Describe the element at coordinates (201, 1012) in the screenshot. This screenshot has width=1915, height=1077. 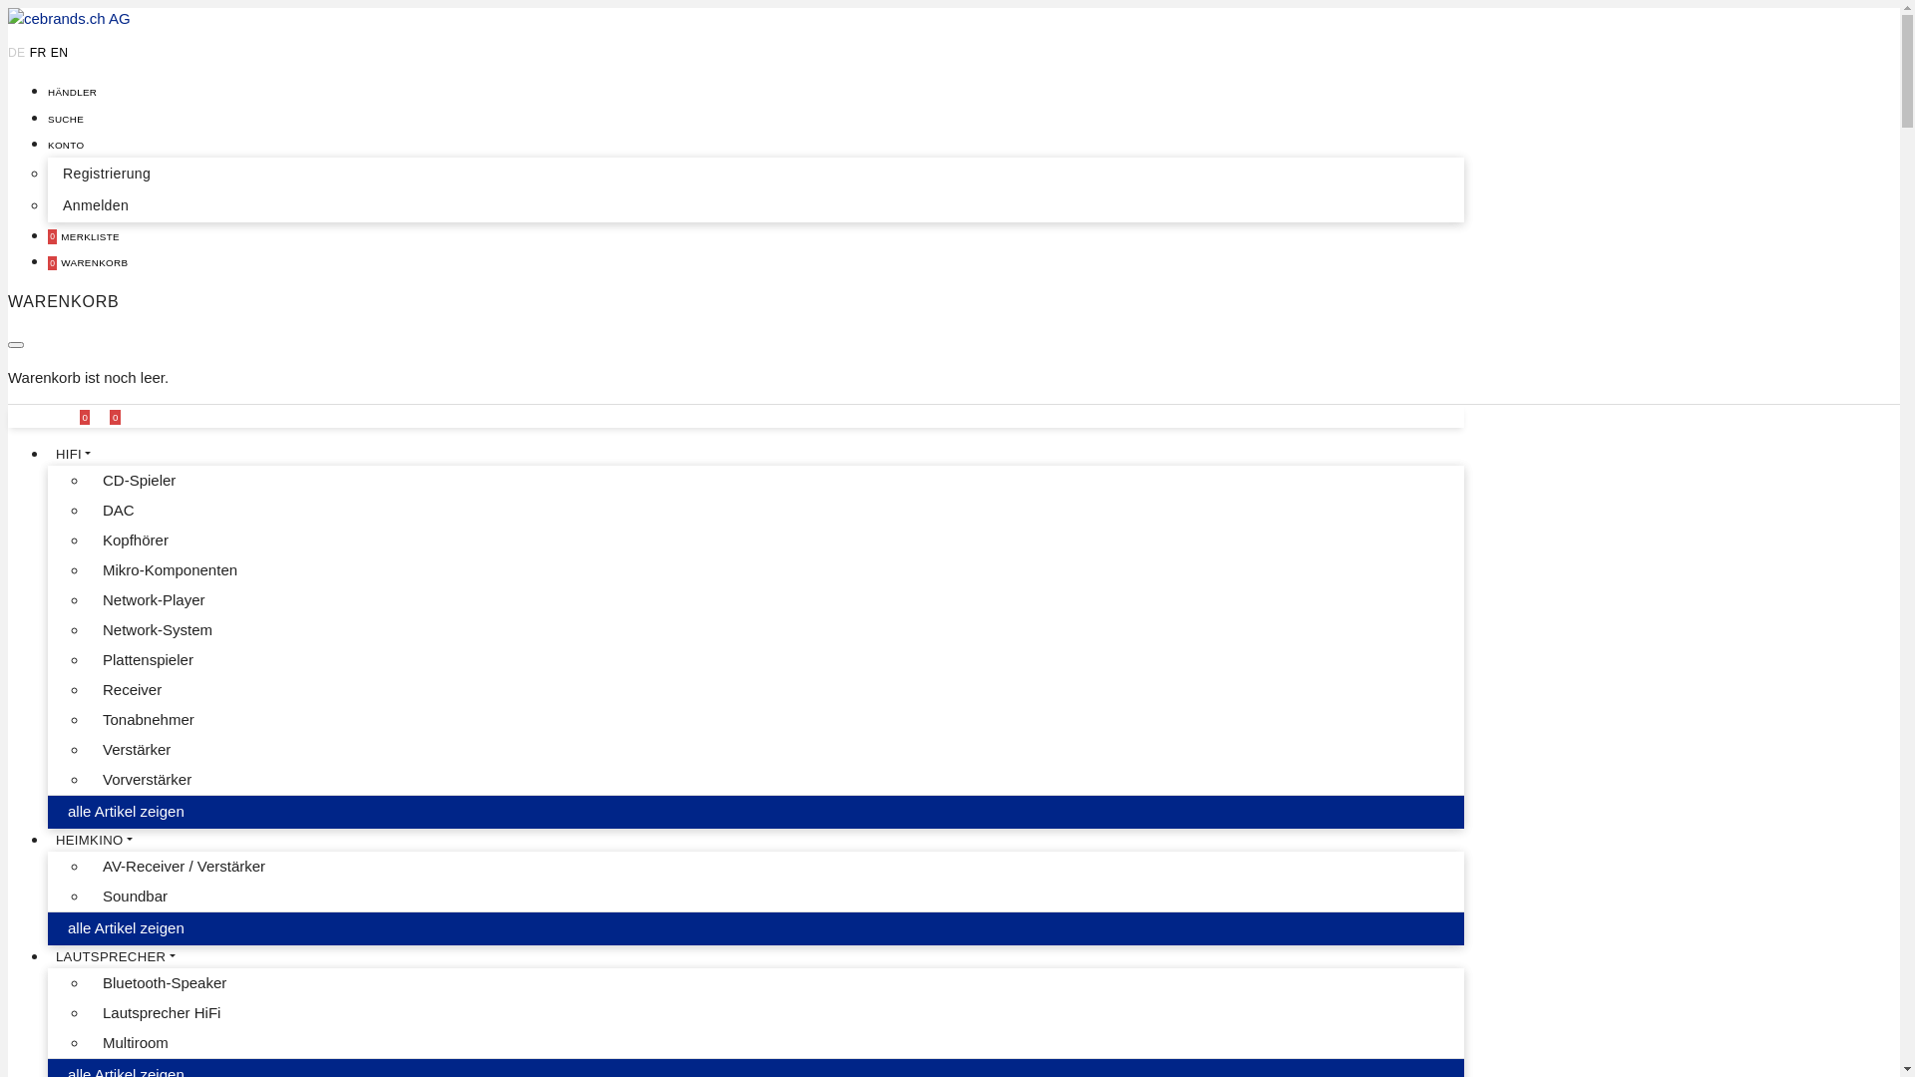
I see `'Lautsprecher HiFi'` at that location.